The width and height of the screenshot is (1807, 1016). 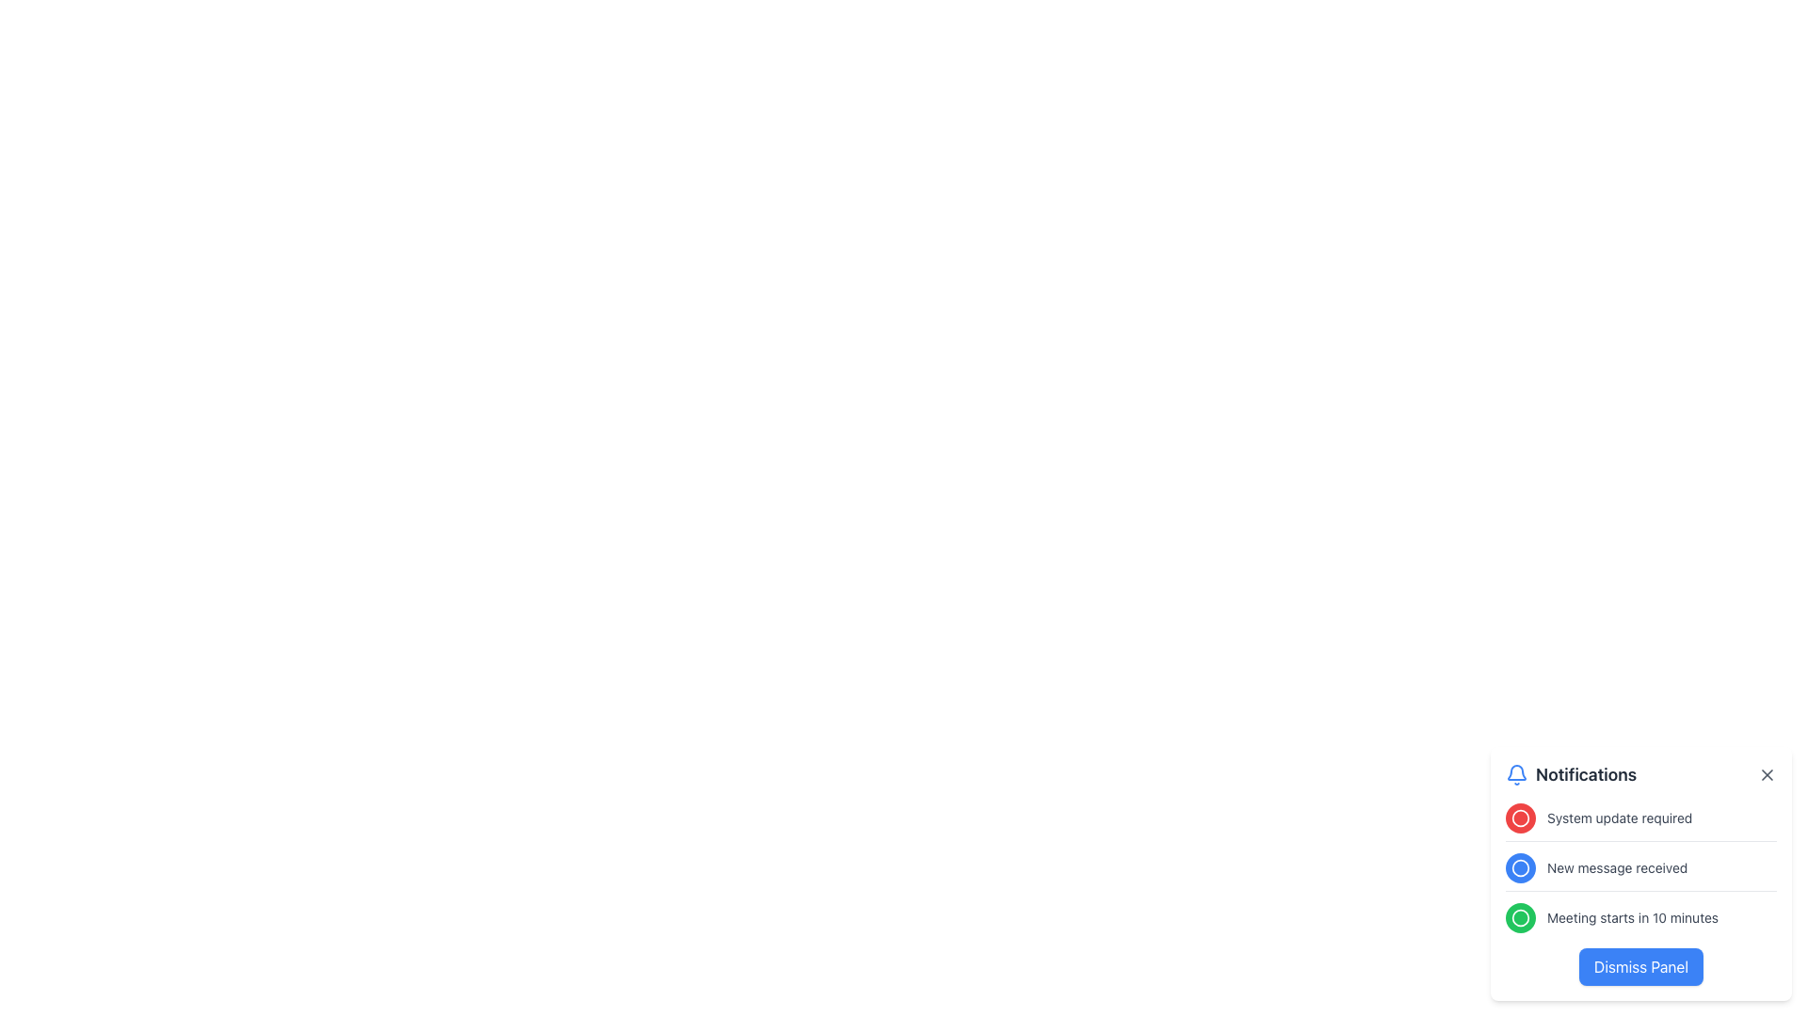 I want to click on the red circular icon indicating a critical notification for 'System update required' in the bottom right corner of the notifications panel, so click(x=1521, y=818).